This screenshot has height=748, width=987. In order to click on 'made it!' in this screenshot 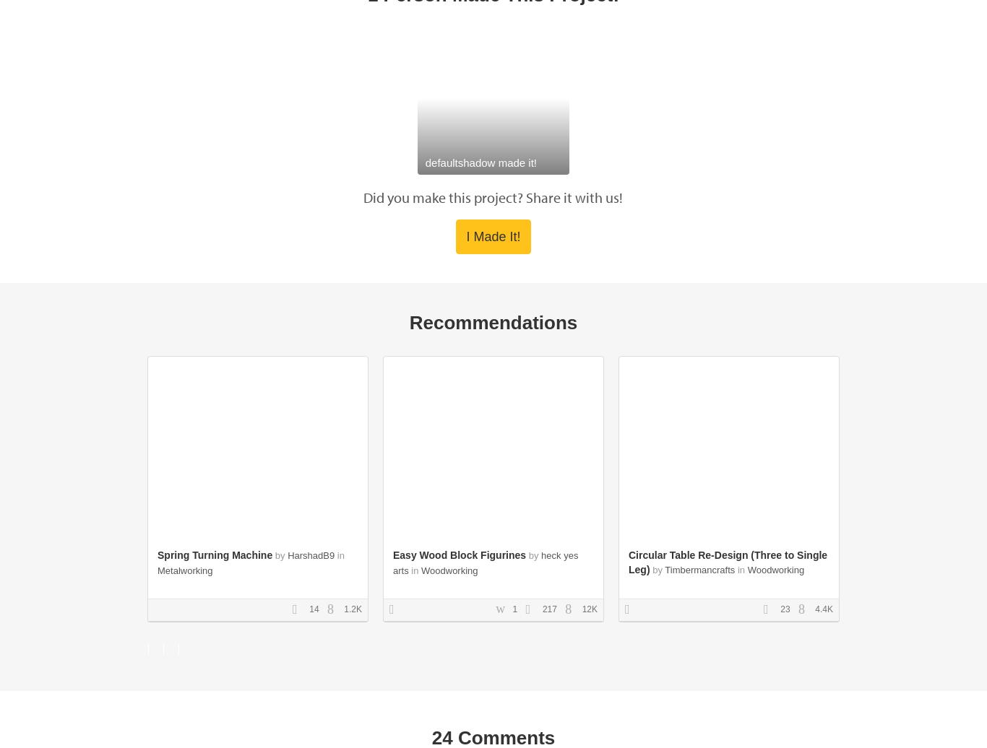, I will do `click(516, 162)`.